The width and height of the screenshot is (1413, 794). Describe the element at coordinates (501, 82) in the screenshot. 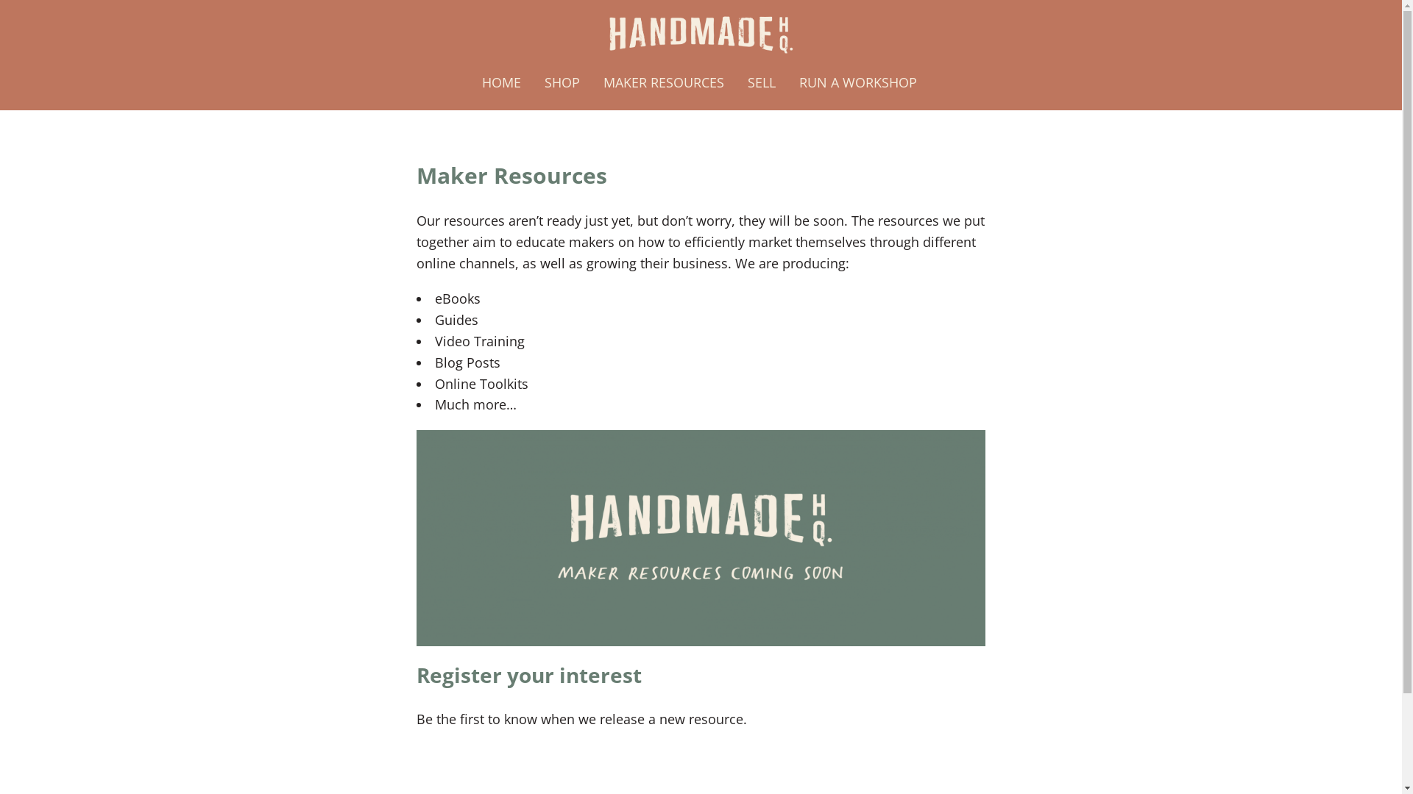

I see `'HOME'` at that location.